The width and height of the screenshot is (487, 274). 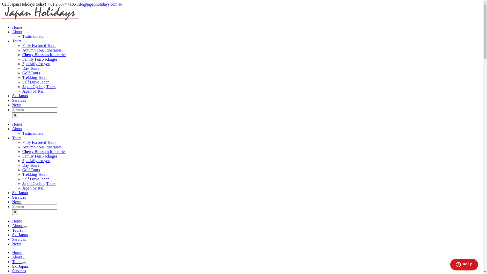 What do you see at coordinates (20, 235) in the screenshot?
I see `'Ski Japan'` at bounding box center [20, 235].